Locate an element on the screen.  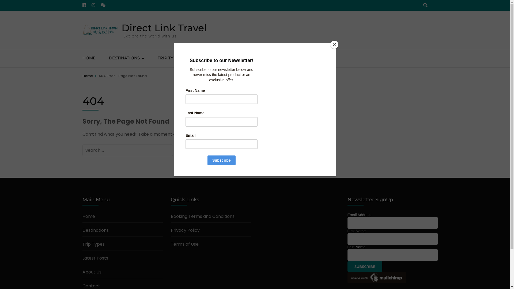
'Latest Posts' is located at coordinates (95, 258).